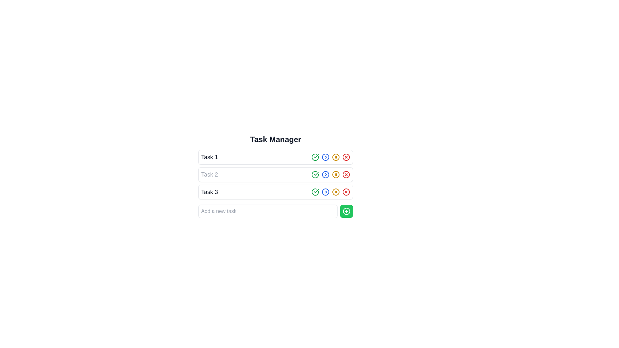 This screenshot has height=348, width=619. Describe the element at coordinates (275, 211) in the screenshot. I see `the green button of the composite UI component for adding a new task, which is located at the bottom of the task management interface` at that location.